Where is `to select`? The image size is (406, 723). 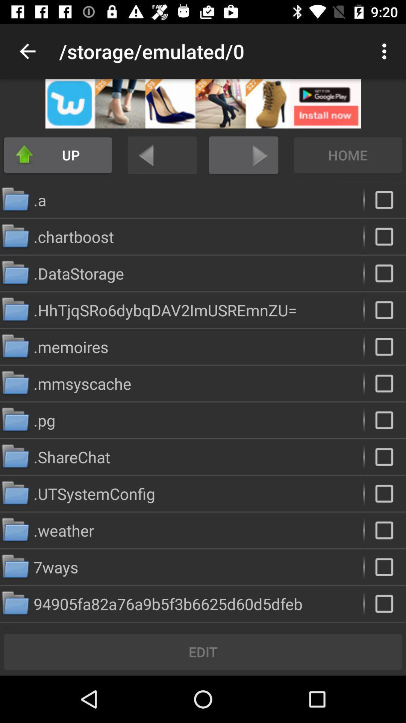 to select is located at coordinates (385, 530).